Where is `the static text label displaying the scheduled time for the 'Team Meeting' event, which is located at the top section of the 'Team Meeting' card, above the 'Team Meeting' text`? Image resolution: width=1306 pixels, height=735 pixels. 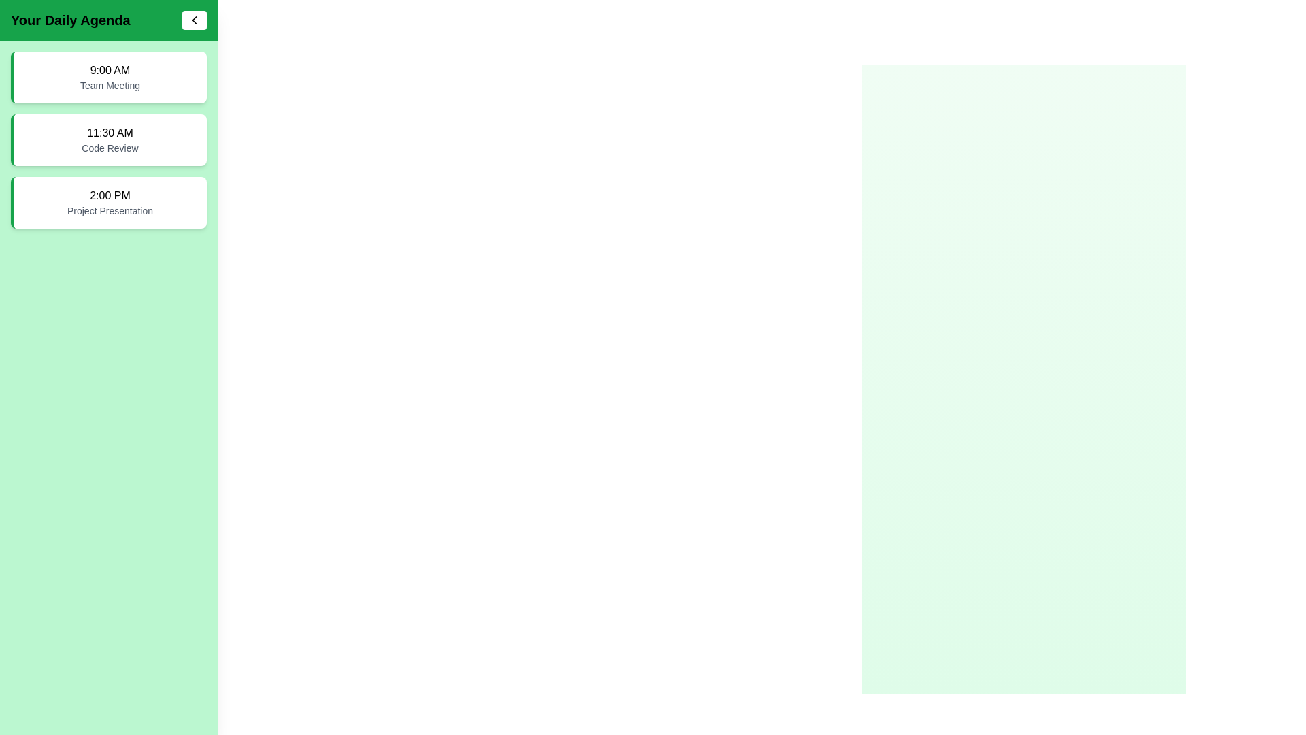 the static text label displaying the scheduled time for the 'Team Meeting' event, which is located at the top section of the 'Team Meeting' card, above the 'Team Meeting' text is located at coordinates (110, 71).